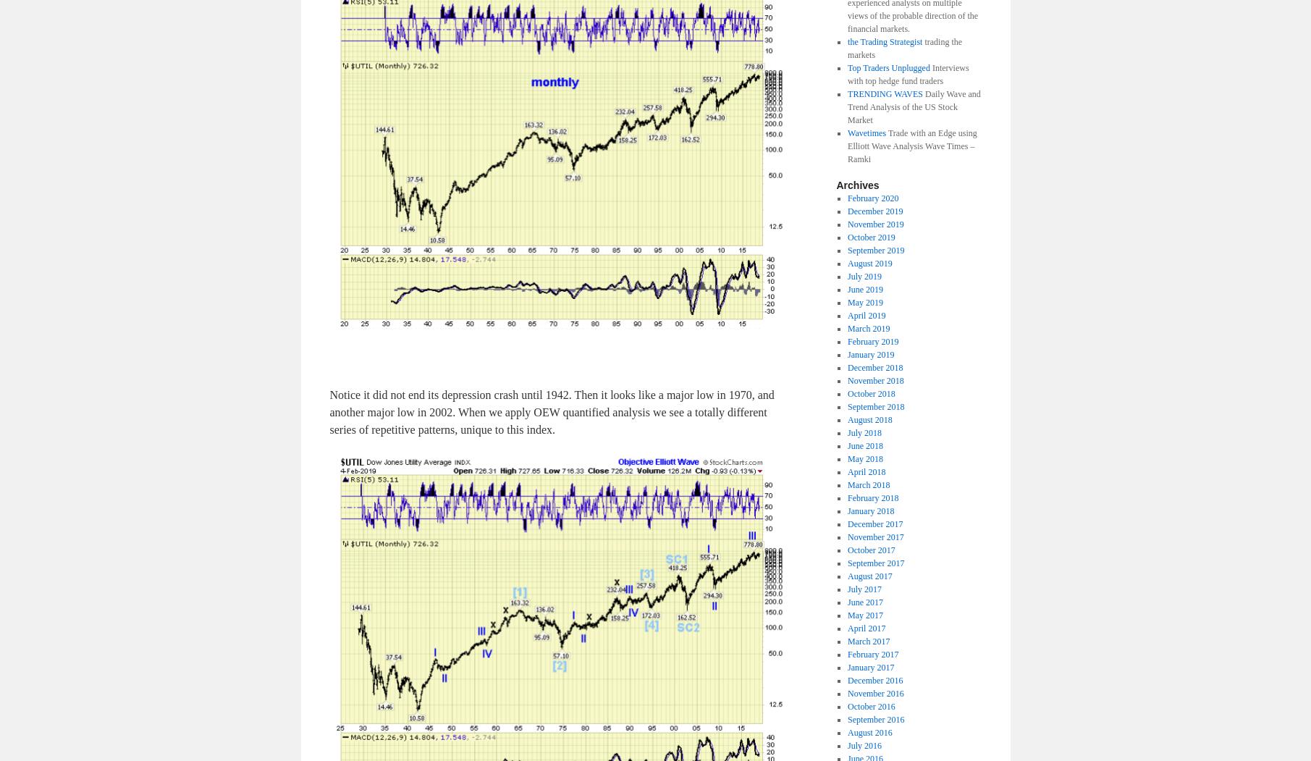 The image size is (1311, 761). Describe the element at coordinates (846, 445) in the screenshot. I see `'June 2018'` at that location.